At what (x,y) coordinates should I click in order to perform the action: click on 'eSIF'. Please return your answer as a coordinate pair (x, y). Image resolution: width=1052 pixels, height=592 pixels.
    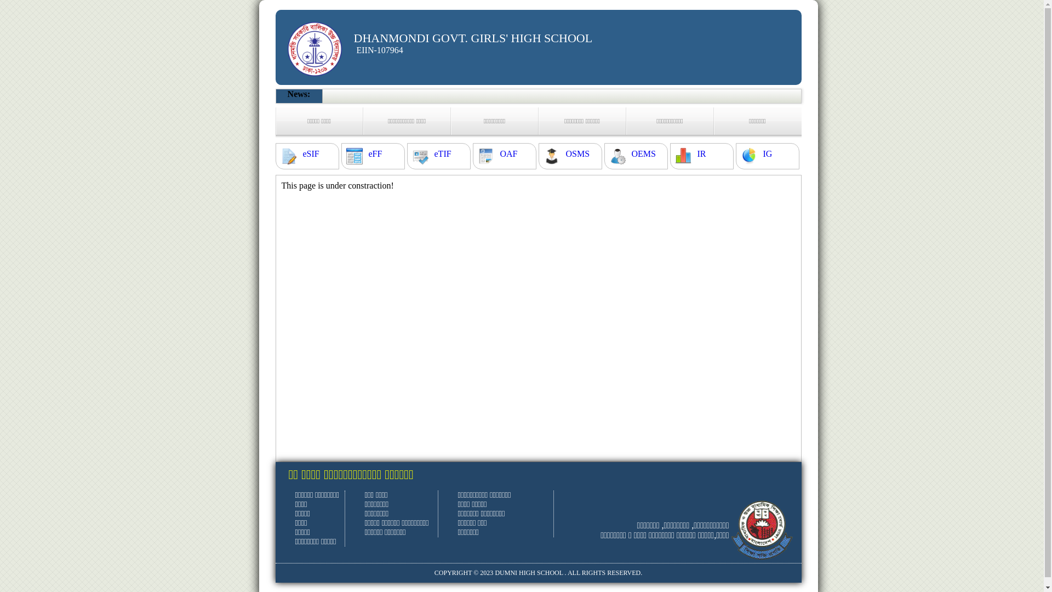
    Looking at the image, I should click on (310, 154).